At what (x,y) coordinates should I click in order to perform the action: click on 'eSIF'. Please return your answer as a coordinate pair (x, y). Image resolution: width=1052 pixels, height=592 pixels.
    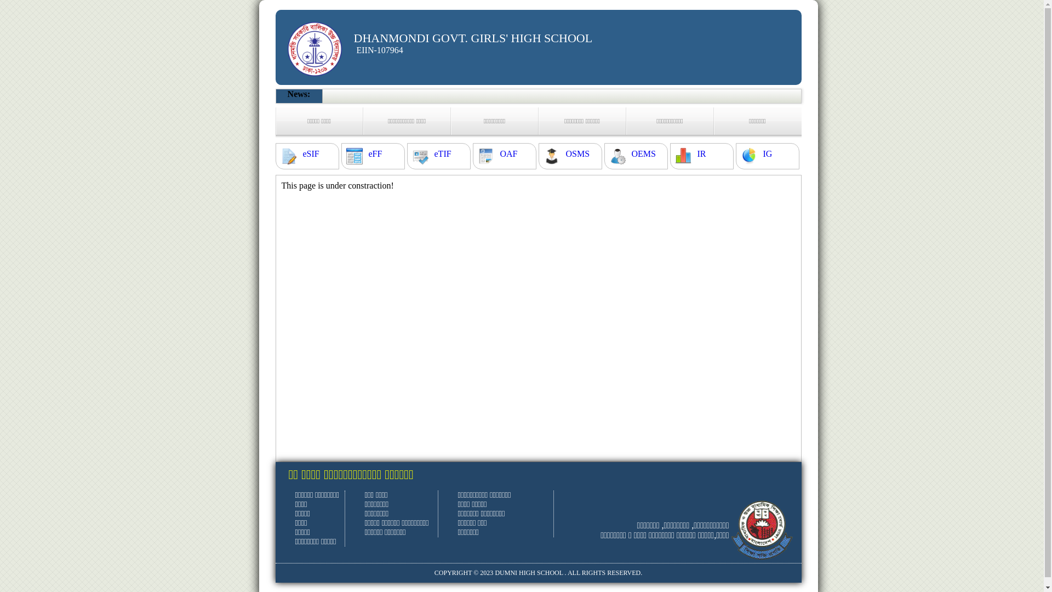
    Looking at the image, I should click on (310, 154).